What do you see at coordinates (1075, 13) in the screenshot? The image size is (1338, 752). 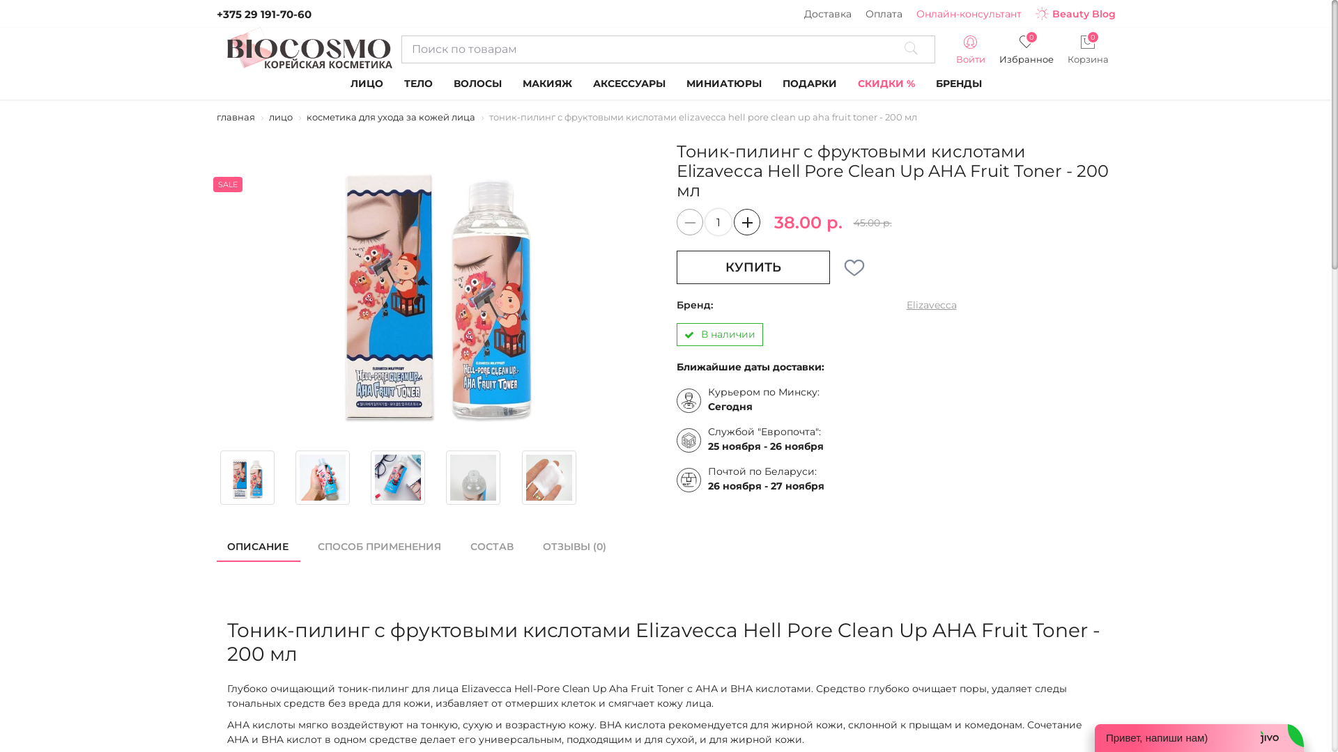 I see `'Beauty Blog'` at bounding box center [1075, 13].